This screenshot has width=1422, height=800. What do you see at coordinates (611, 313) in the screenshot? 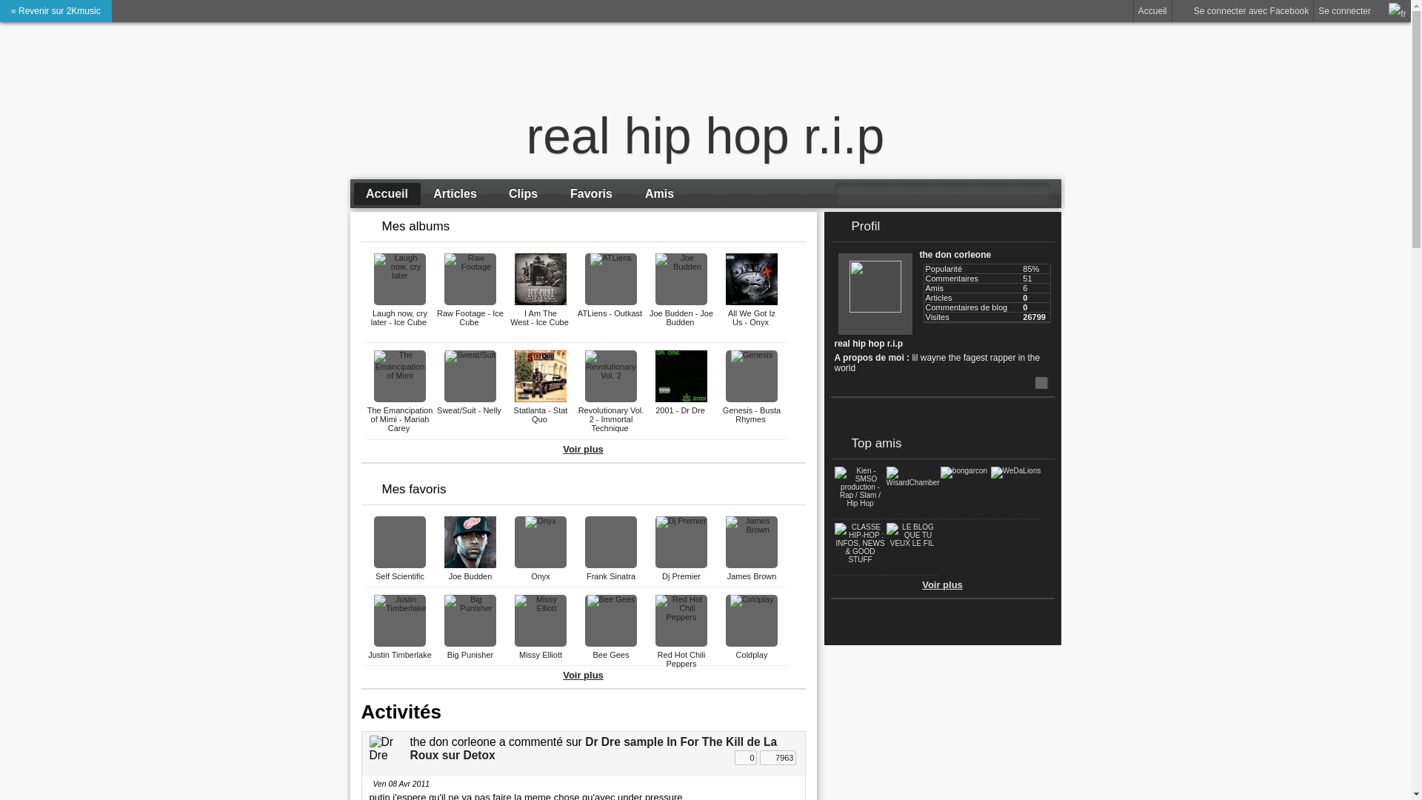
I see `'ATLiens - Outkast '` at bounding box center [611, 313].